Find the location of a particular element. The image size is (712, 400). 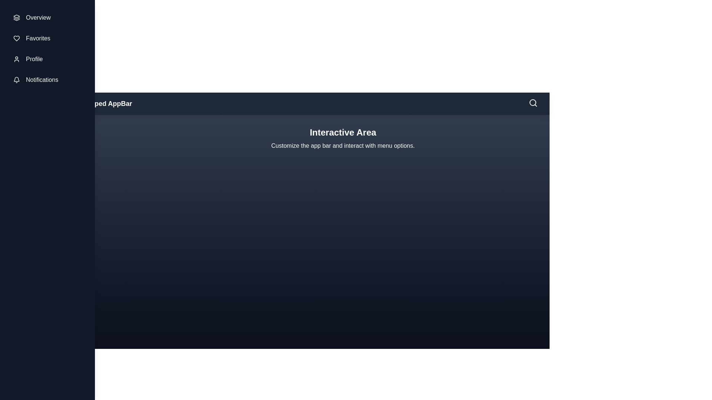

the search icon to initiate a search is located at coordinates (533, 103).